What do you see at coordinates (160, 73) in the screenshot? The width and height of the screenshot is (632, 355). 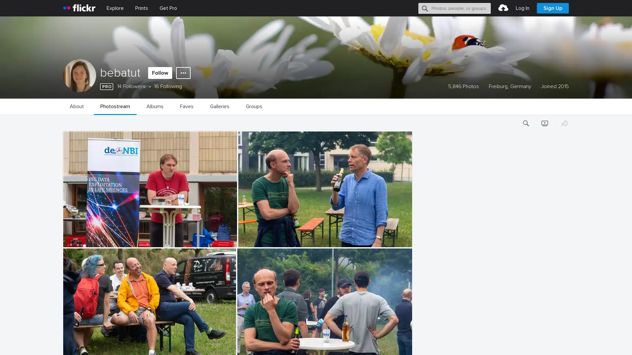 I see `Follow` at bounding box center [160, 73].